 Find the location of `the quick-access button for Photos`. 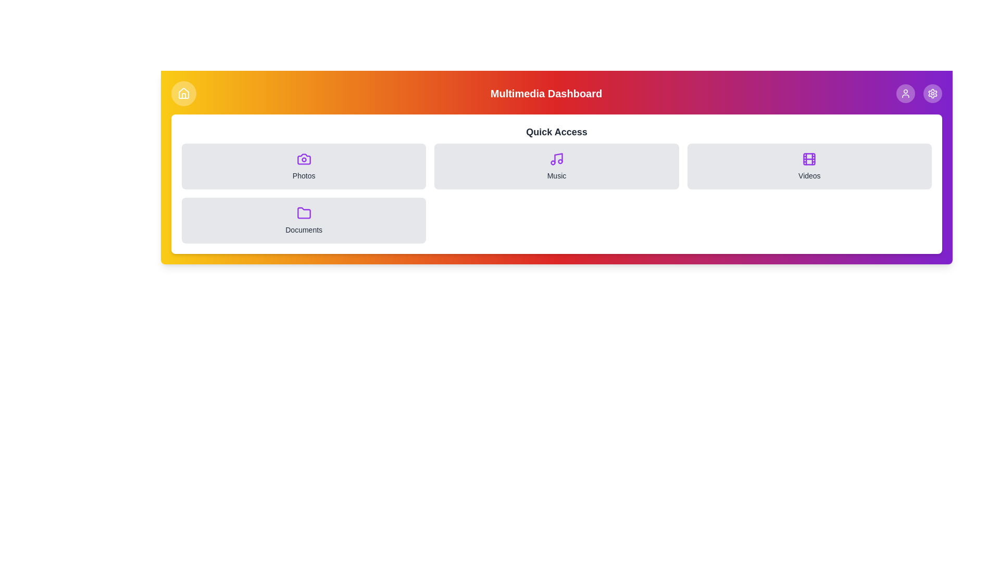

the quick-access button for Photos is located at coordinates (303, 166).